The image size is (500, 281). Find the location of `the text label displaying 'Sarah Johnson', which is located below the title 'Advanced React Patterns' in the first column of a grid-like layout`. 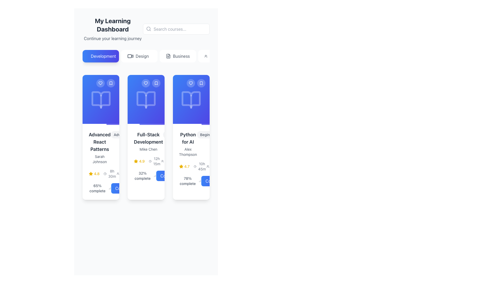

the text label displaying 'Sarah Johnson', which is located below the title 'Advanced React Patterns' in the first column of a grid-like layout is located at coordinates (99, 159).